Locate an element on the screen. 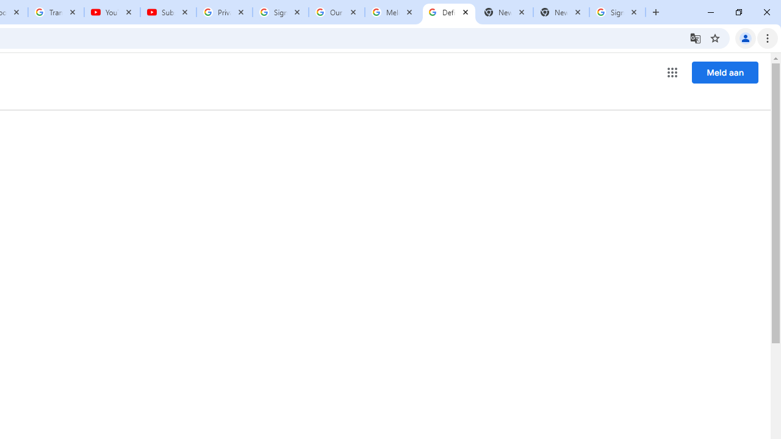  'Meld aan' is located at coordinates (725, 72).